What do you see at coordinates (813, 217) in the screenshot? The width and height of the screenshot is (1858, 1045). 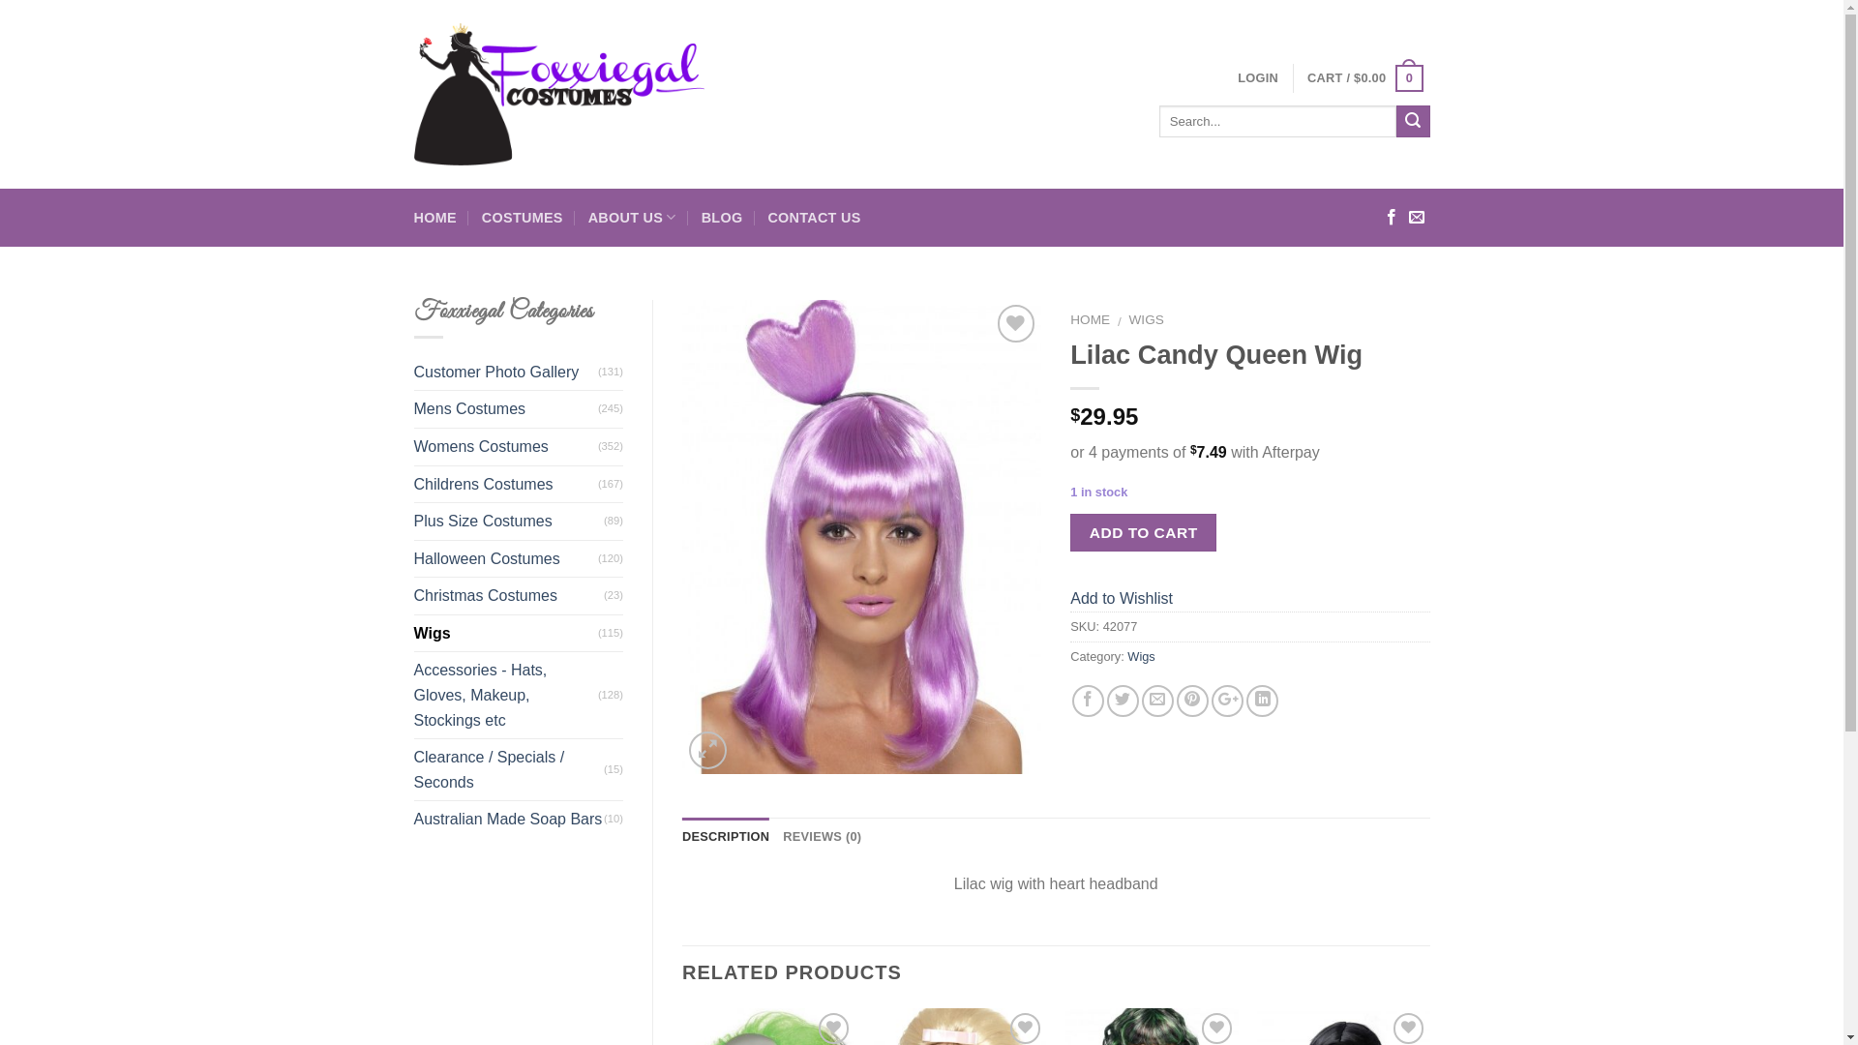 I see `'CONTACT US'` at bounding box center [813, 217].